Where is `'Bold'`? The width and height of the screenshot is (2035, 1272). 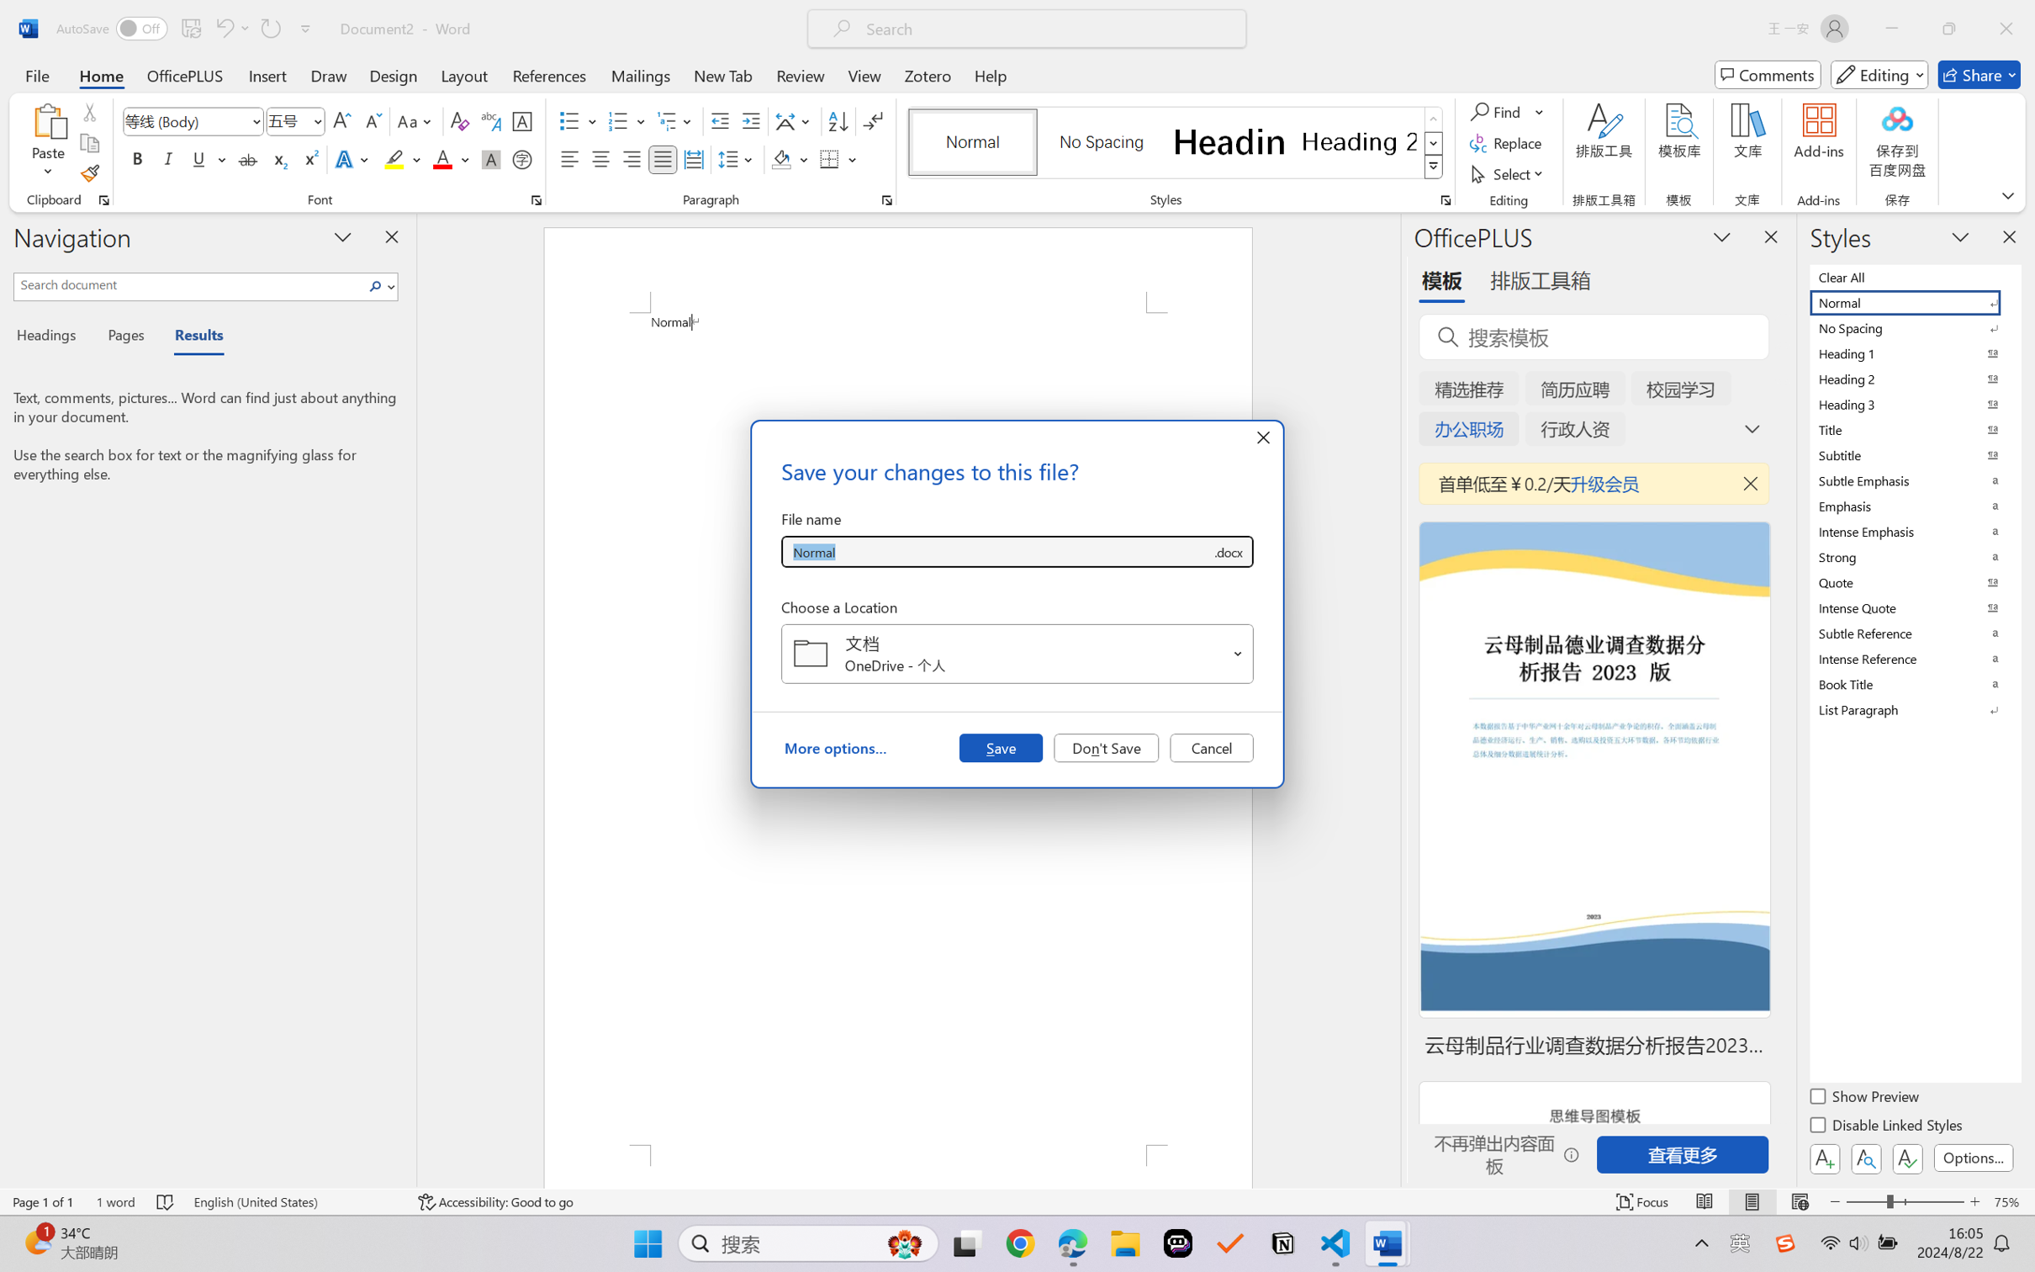
'Bold' is located at coordinates (138, 158).